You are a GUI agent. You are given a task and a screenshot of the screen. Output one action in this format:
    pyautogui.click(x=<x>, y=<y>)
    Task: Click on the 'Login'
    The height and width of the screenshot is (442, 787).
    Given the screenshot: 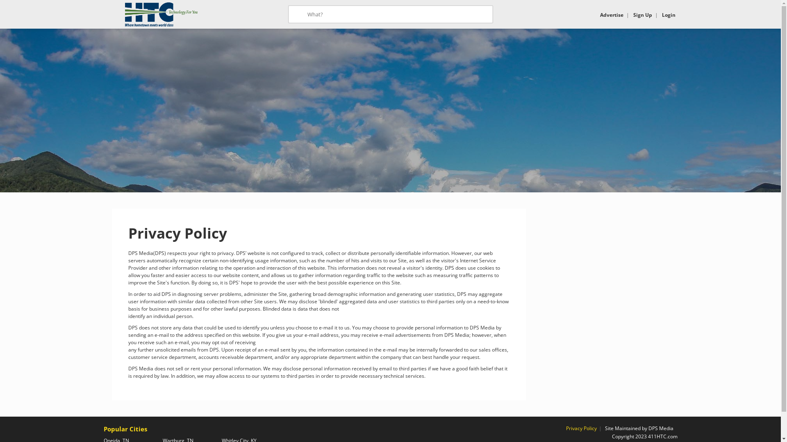 What is the action you would take?
    pyautogui.click(x=668, y=15)
    